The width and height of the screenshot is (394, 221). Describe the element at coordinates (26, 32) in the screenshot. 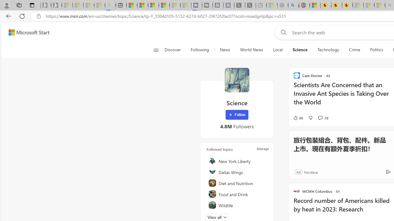

I see `'Skip to content'` at that location.